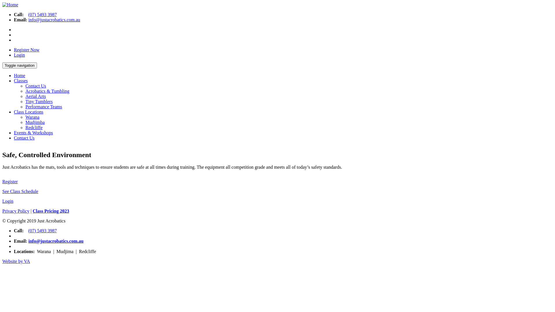  Describe the element at coordinates (34, 127) in the screenshot. I see `'Redcliffe'` at that location.